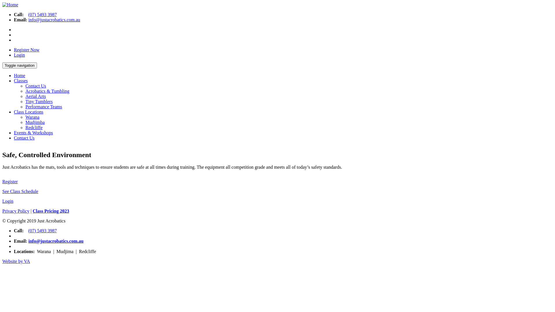  Describe the element at coordinates (34, 127) in the screenshot. I see `'Redcliffe'` at that location.